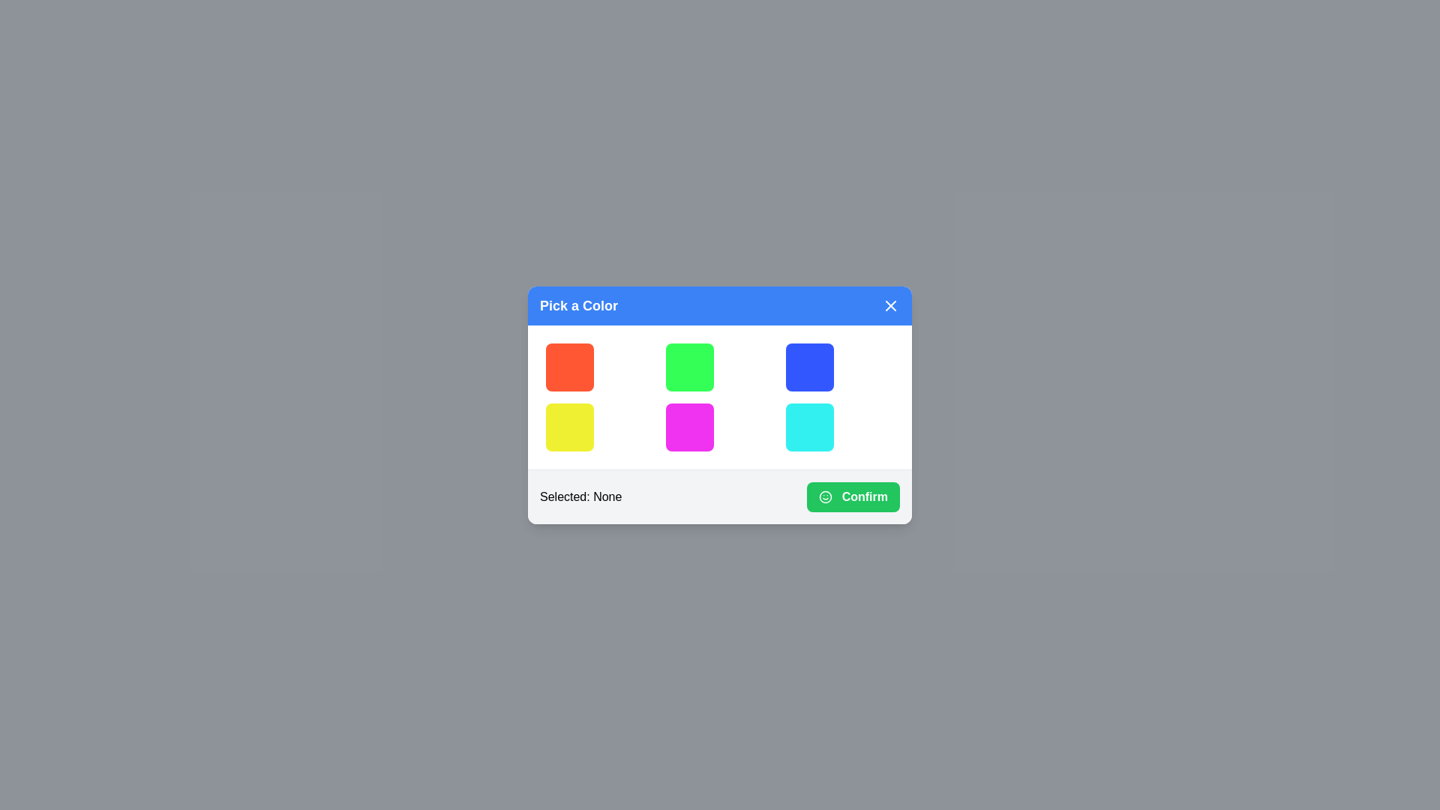  I want to click on the close button to close the dialog, so click(891, 304).